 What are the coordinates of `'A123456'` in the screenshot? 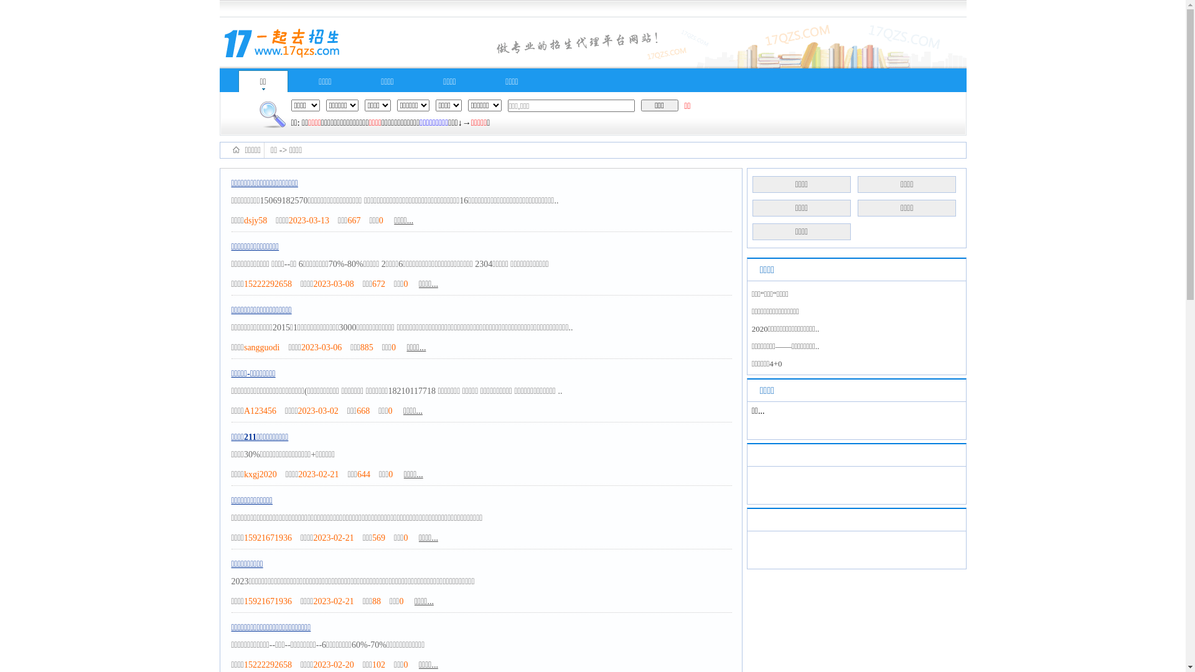 It's located at (259, 411).